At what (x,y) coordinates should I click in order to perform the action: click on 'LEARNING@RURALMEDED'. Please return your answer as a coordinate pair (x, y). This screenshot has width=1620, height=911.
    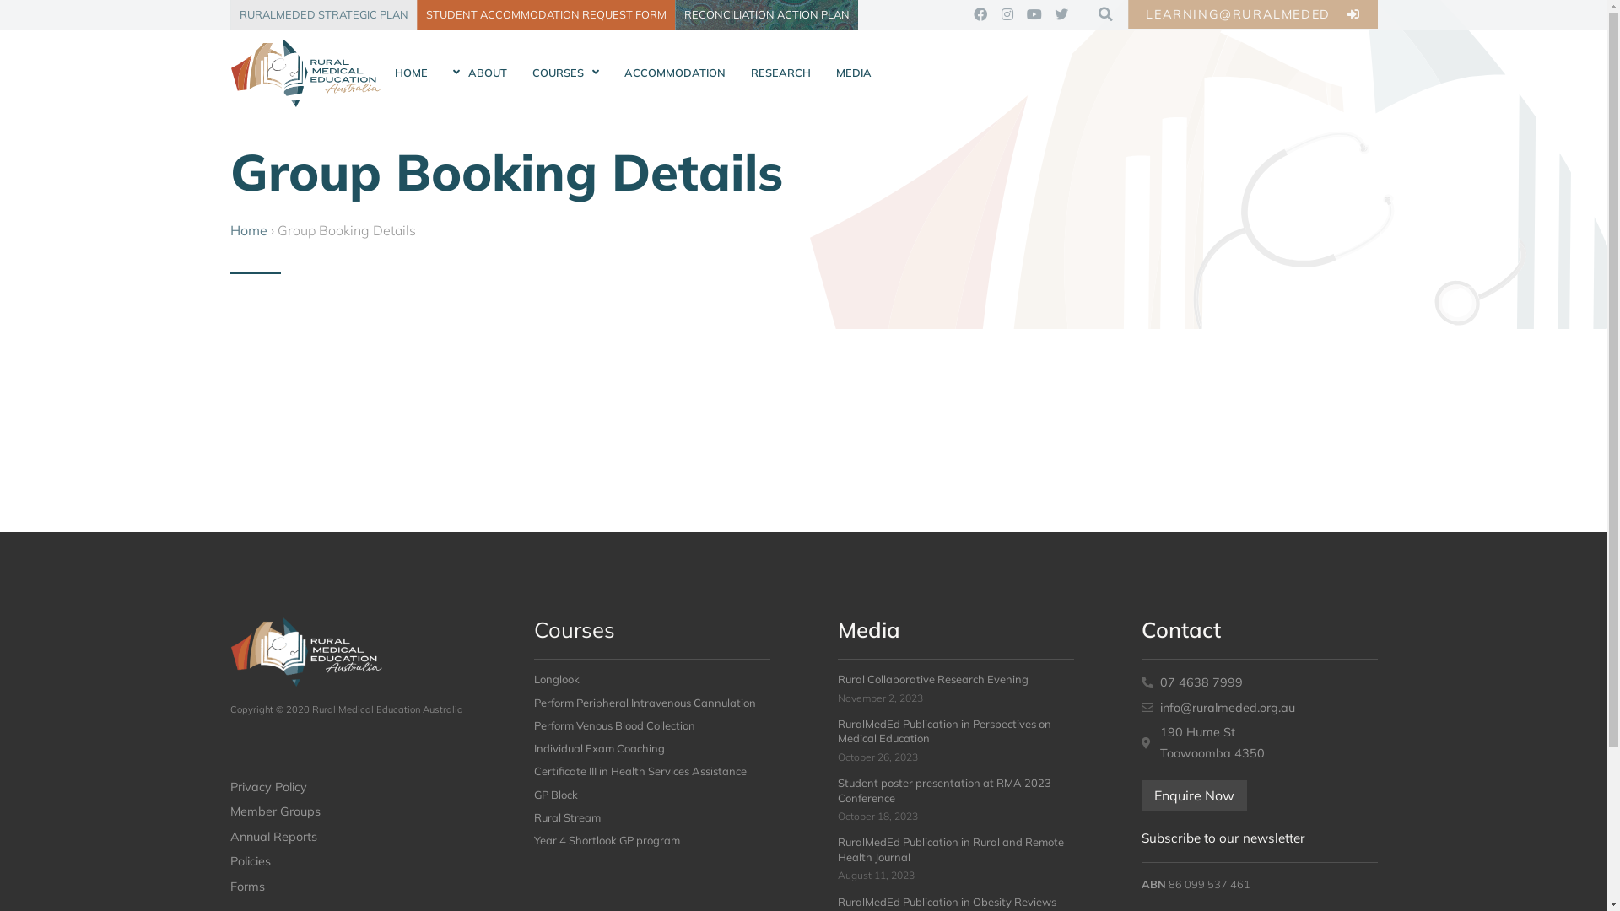
    Looking at the image, I should click on (1252, 13).